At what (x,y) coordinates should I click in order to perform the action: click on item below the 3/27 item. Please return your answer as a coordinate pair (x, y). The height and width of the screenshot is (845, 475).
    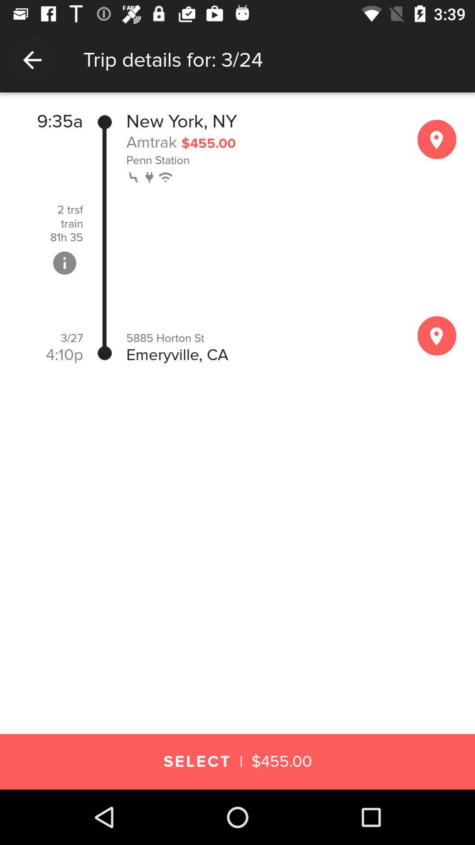
    Looking at the image, I should click on (64, 355).